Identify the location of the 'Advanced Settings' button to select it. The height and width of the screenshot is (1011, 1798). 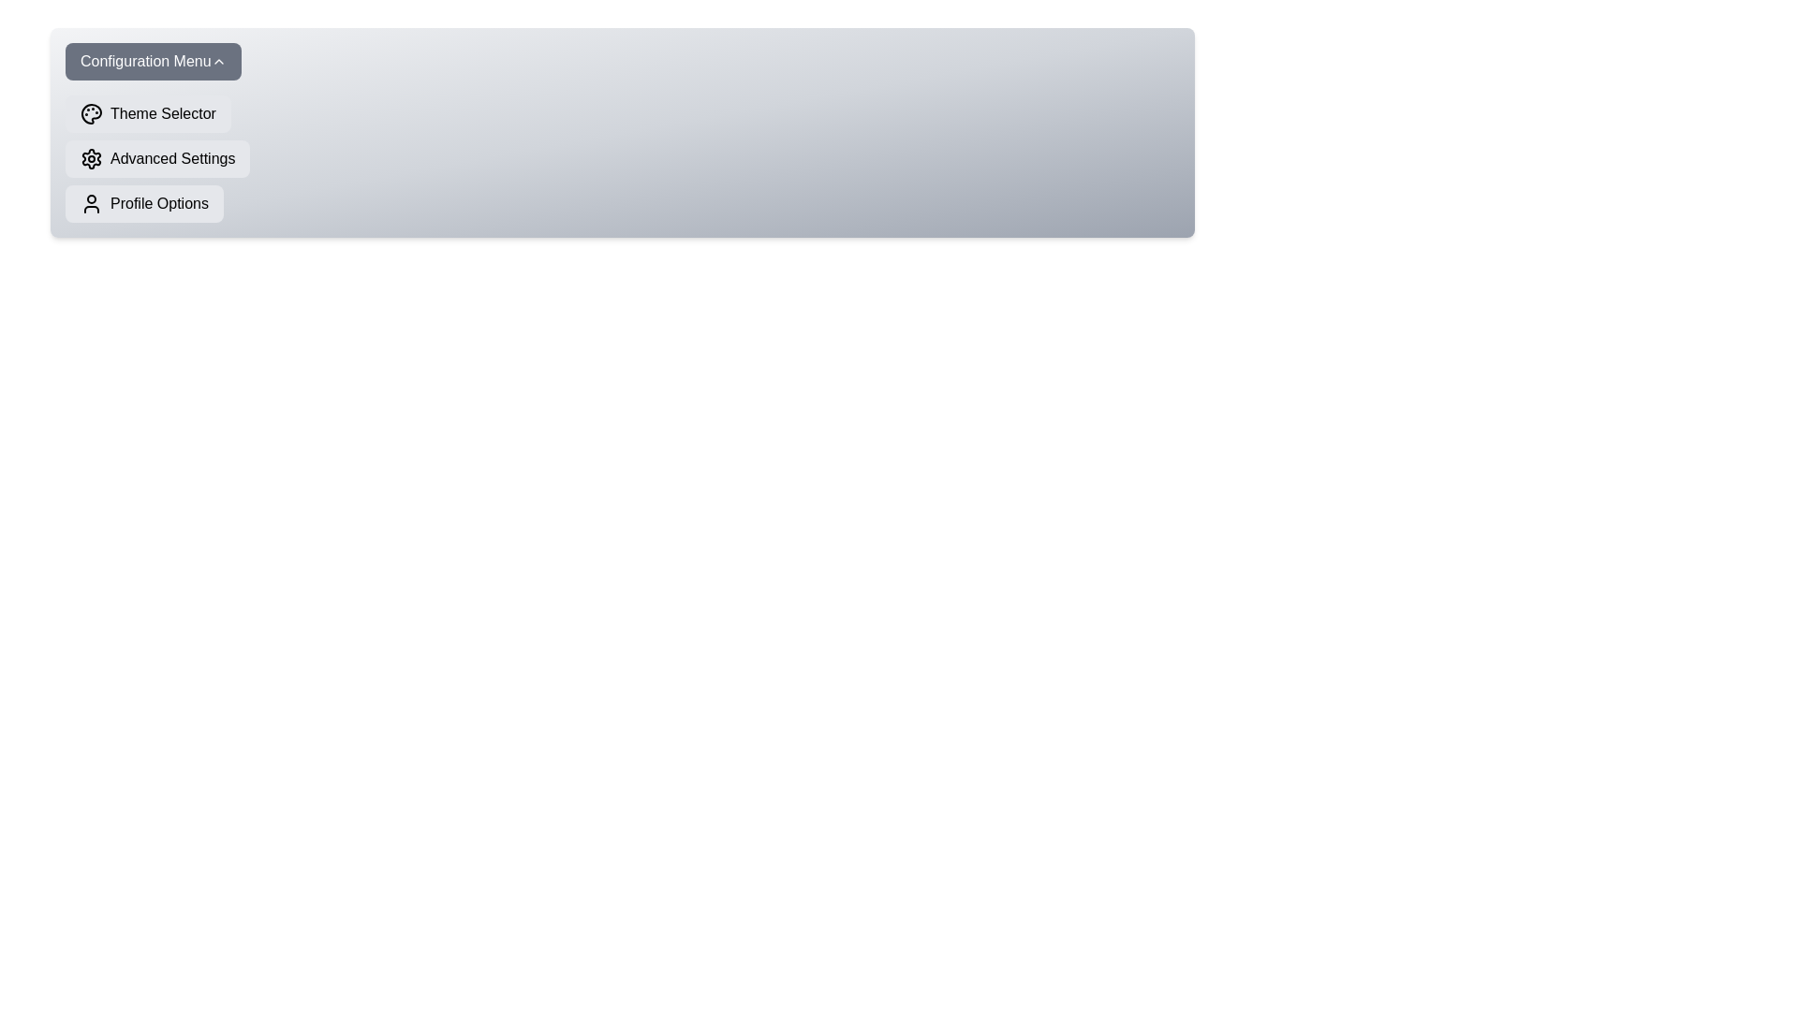
(157, 157).